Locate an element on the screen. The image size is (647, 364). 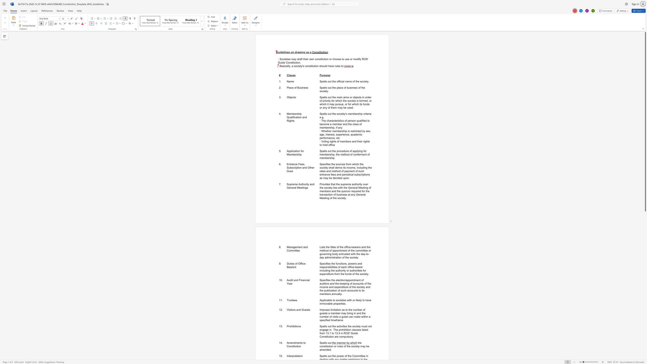
the subset text "ro" within the text "Prohibitions" is located at coordinates (288, 326).